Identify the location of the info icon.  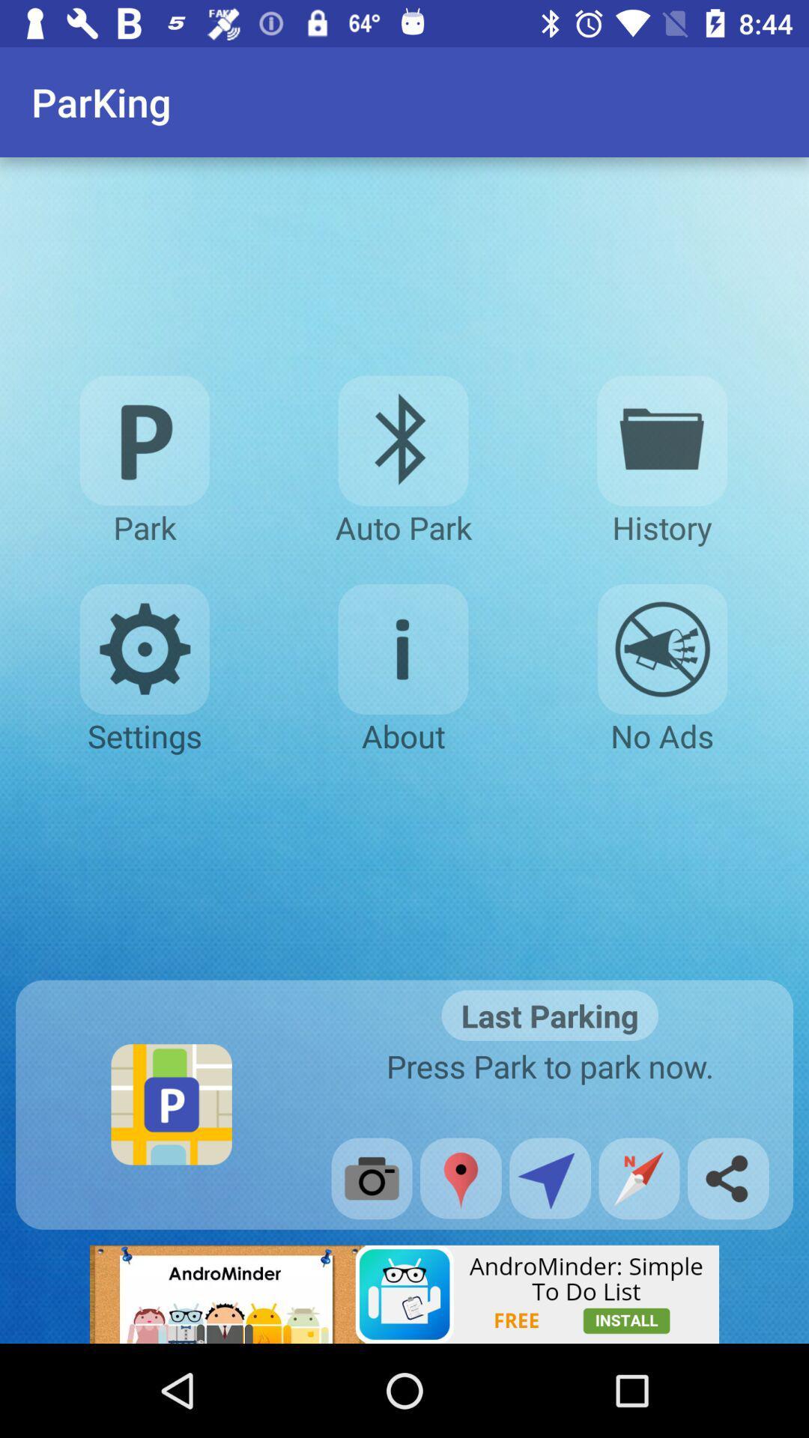
(402, 649).